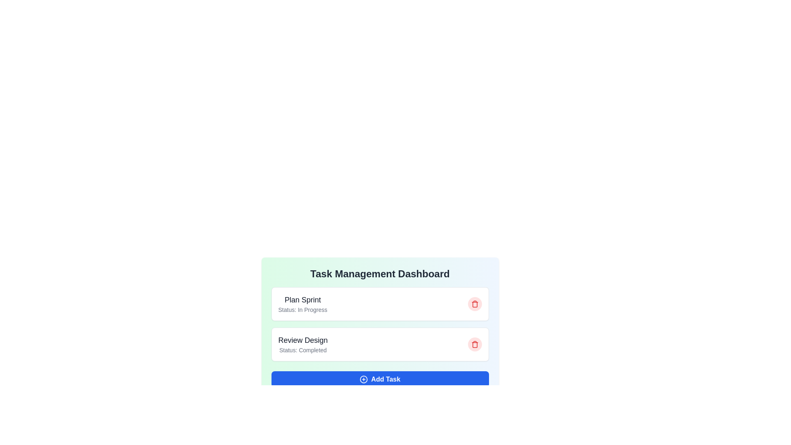  I want to click on the task with ID 1 by clicking the corresponding trash icon, so click(475, 304).